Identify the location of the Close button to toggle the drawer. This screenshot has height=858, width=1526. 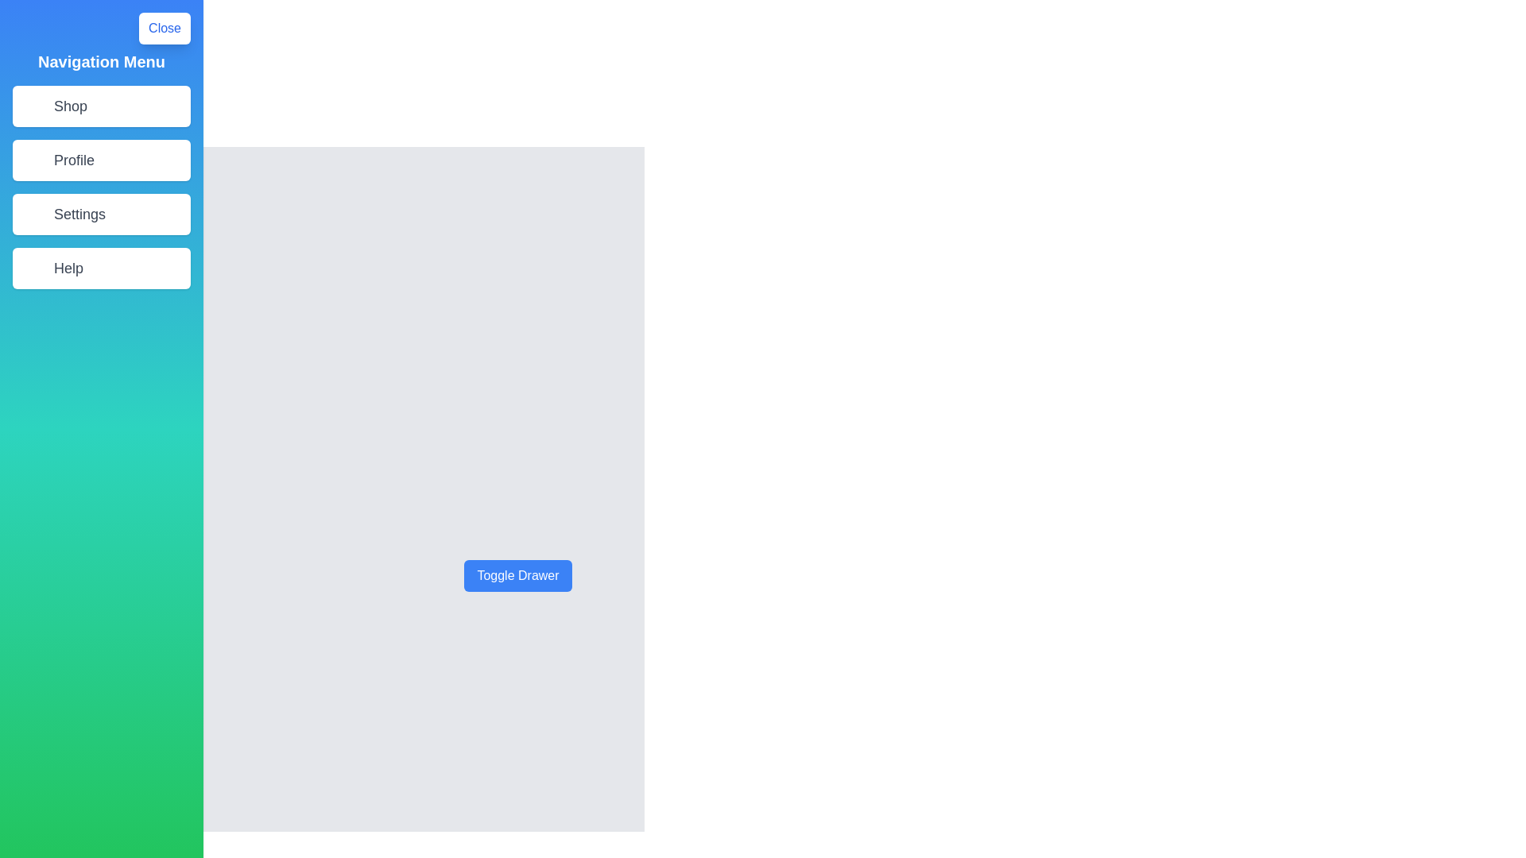
(165, 28).